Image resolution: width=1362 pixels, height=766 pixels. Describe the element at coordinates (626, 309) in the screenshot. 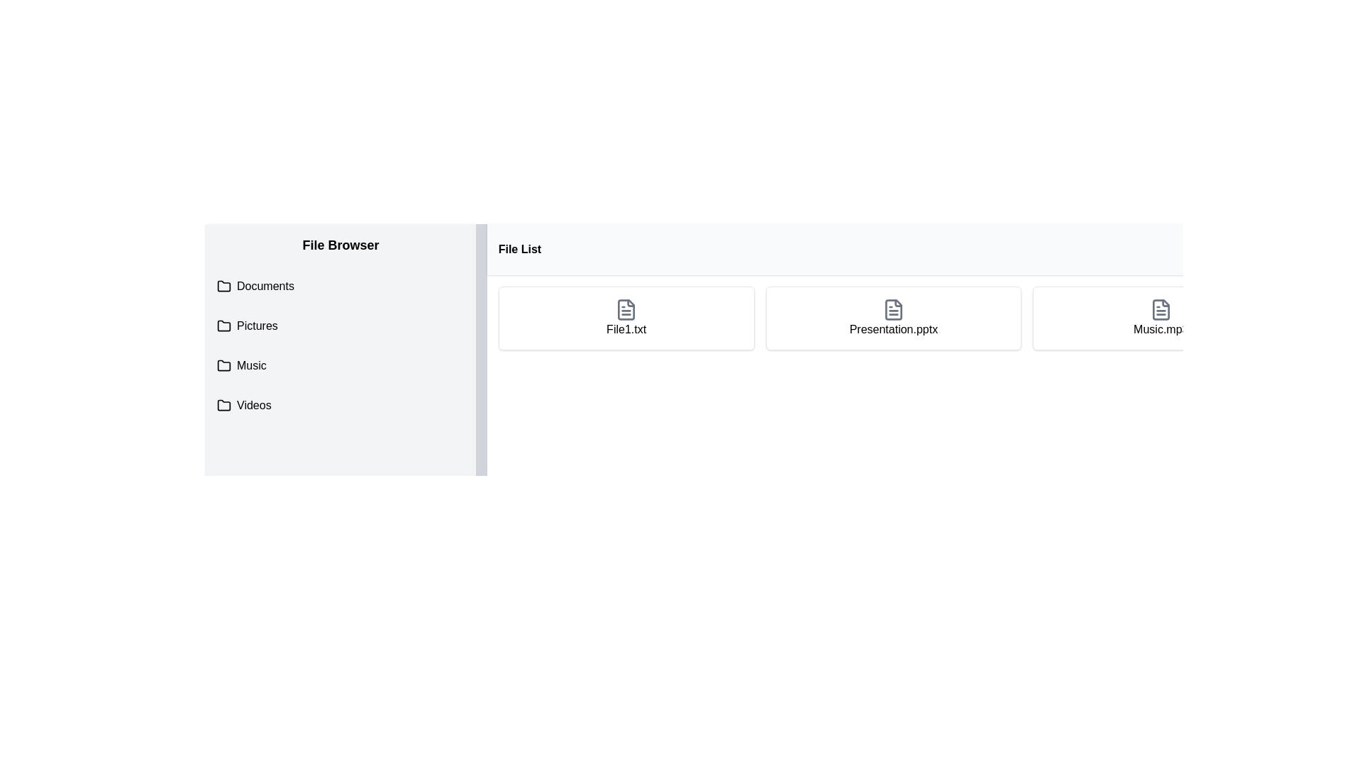

I see `the document icon located in the 'File List' section` at that location.